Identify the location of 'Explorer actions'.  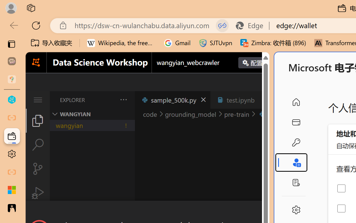
(109, 100).